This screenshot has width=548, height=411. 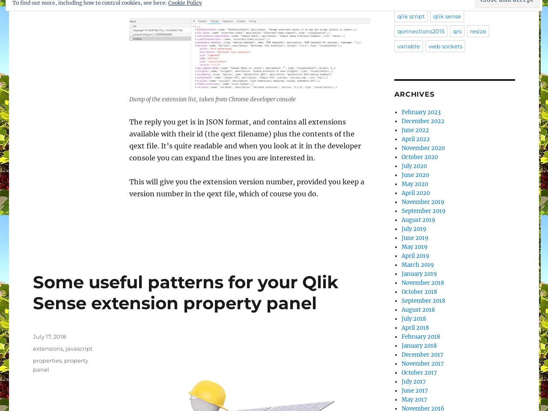 What do you see at coordinates (49, 336) in the screenshot?
I see `'July 17, 2018'` at bounding box center [49, 336].